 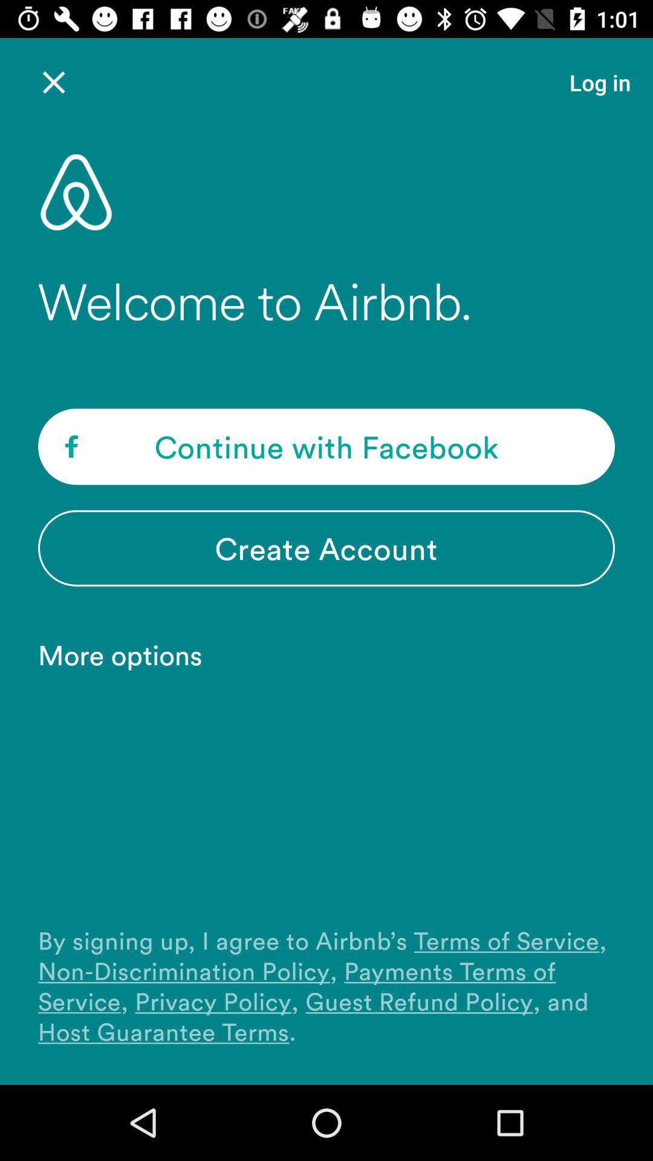 I want to click on the more options item, so click(x=126, y=654).